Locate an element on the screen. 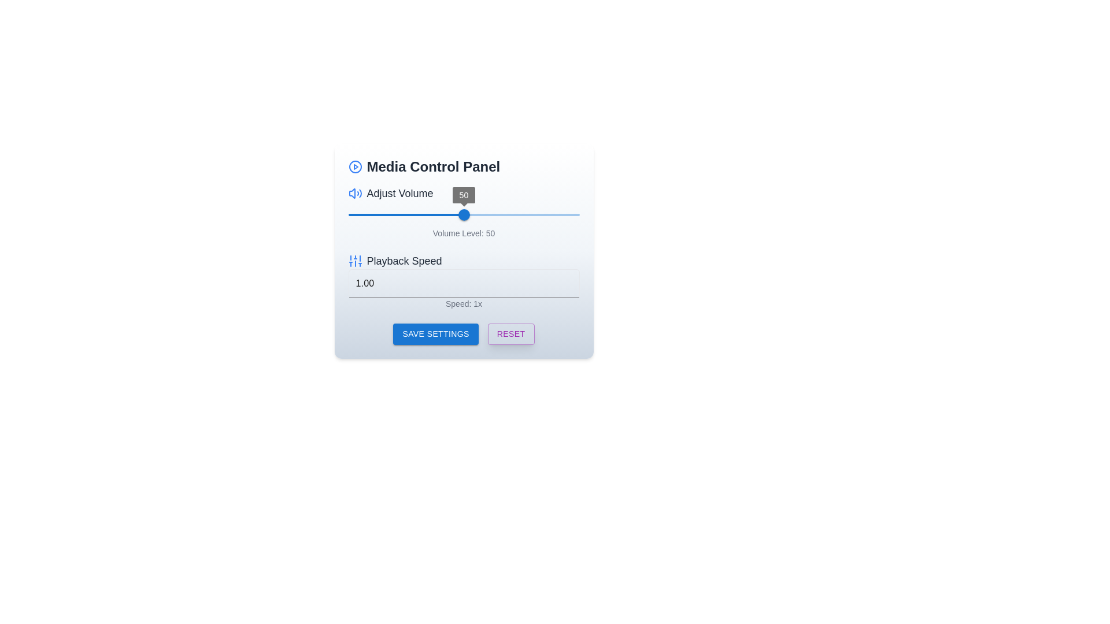 The width and height of the screenshot is (1110, 624). the volume level is located at coordinates (519, 214).